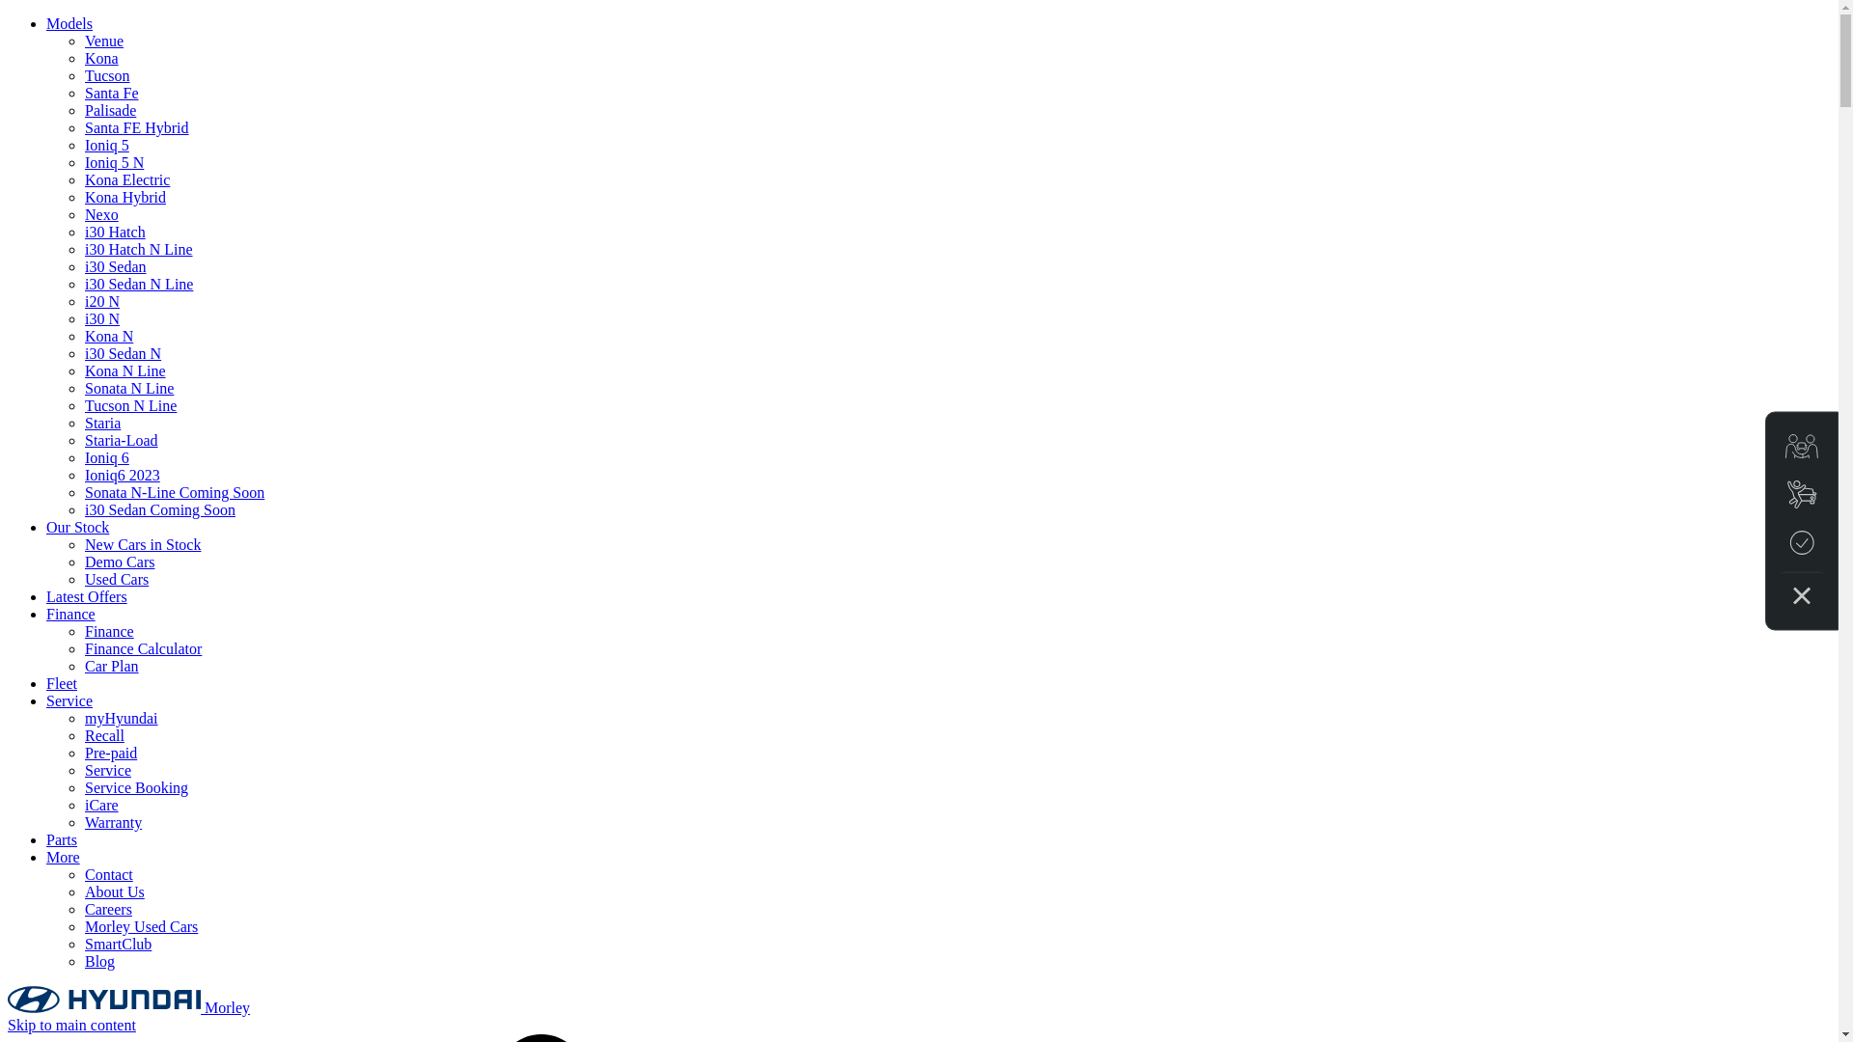 Image resolution: width=1853 pixels, height=1042 pixels. What do you see at coordinates (125, 179) in the screenshot?
I see `'Kona Electric'` at bounding box center [125, 179].